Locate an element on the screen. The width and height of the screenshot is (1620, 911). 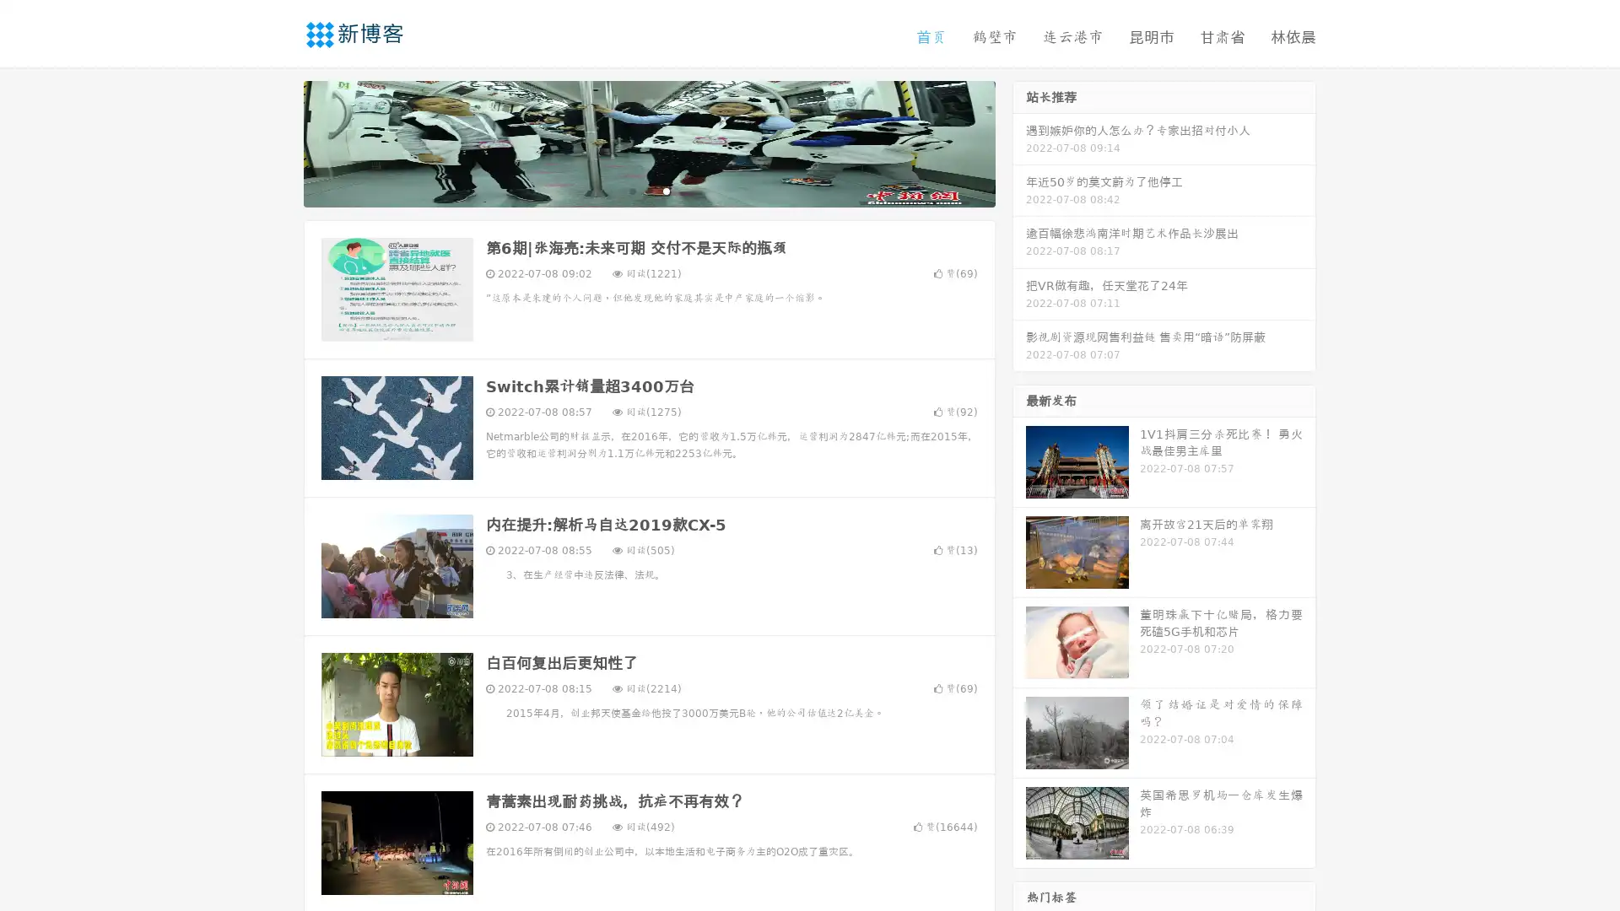
Previous slide is located at coordinates (278, 142).